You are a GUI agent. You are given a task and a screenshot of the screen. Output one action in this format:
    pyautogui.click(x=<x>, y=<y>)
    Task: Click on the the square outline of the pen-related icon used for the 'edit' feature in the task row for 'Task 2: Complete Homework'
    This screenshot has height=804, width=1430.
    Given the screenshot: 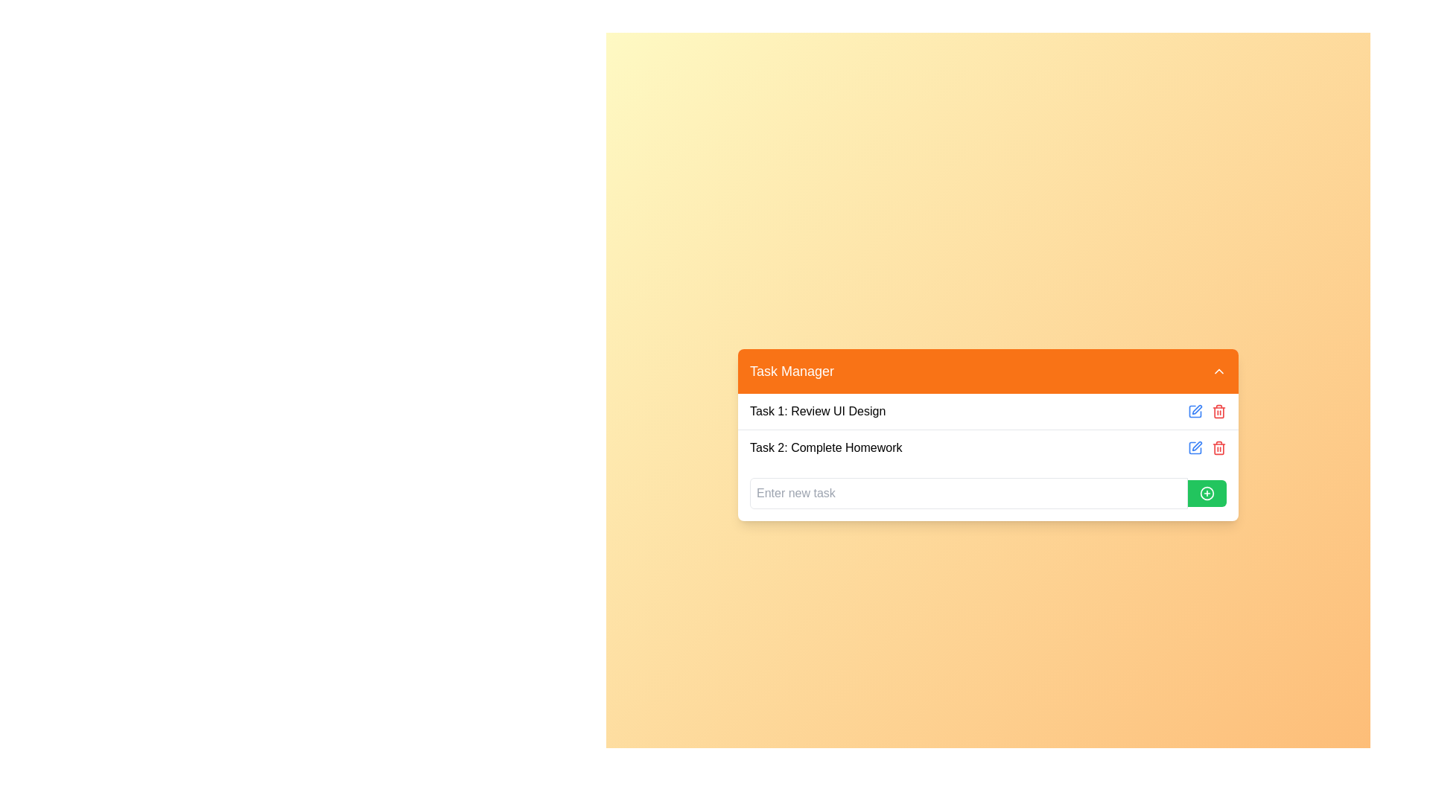 What is the action you would take?
    pyautogui.click(x=1195, y=447)
    